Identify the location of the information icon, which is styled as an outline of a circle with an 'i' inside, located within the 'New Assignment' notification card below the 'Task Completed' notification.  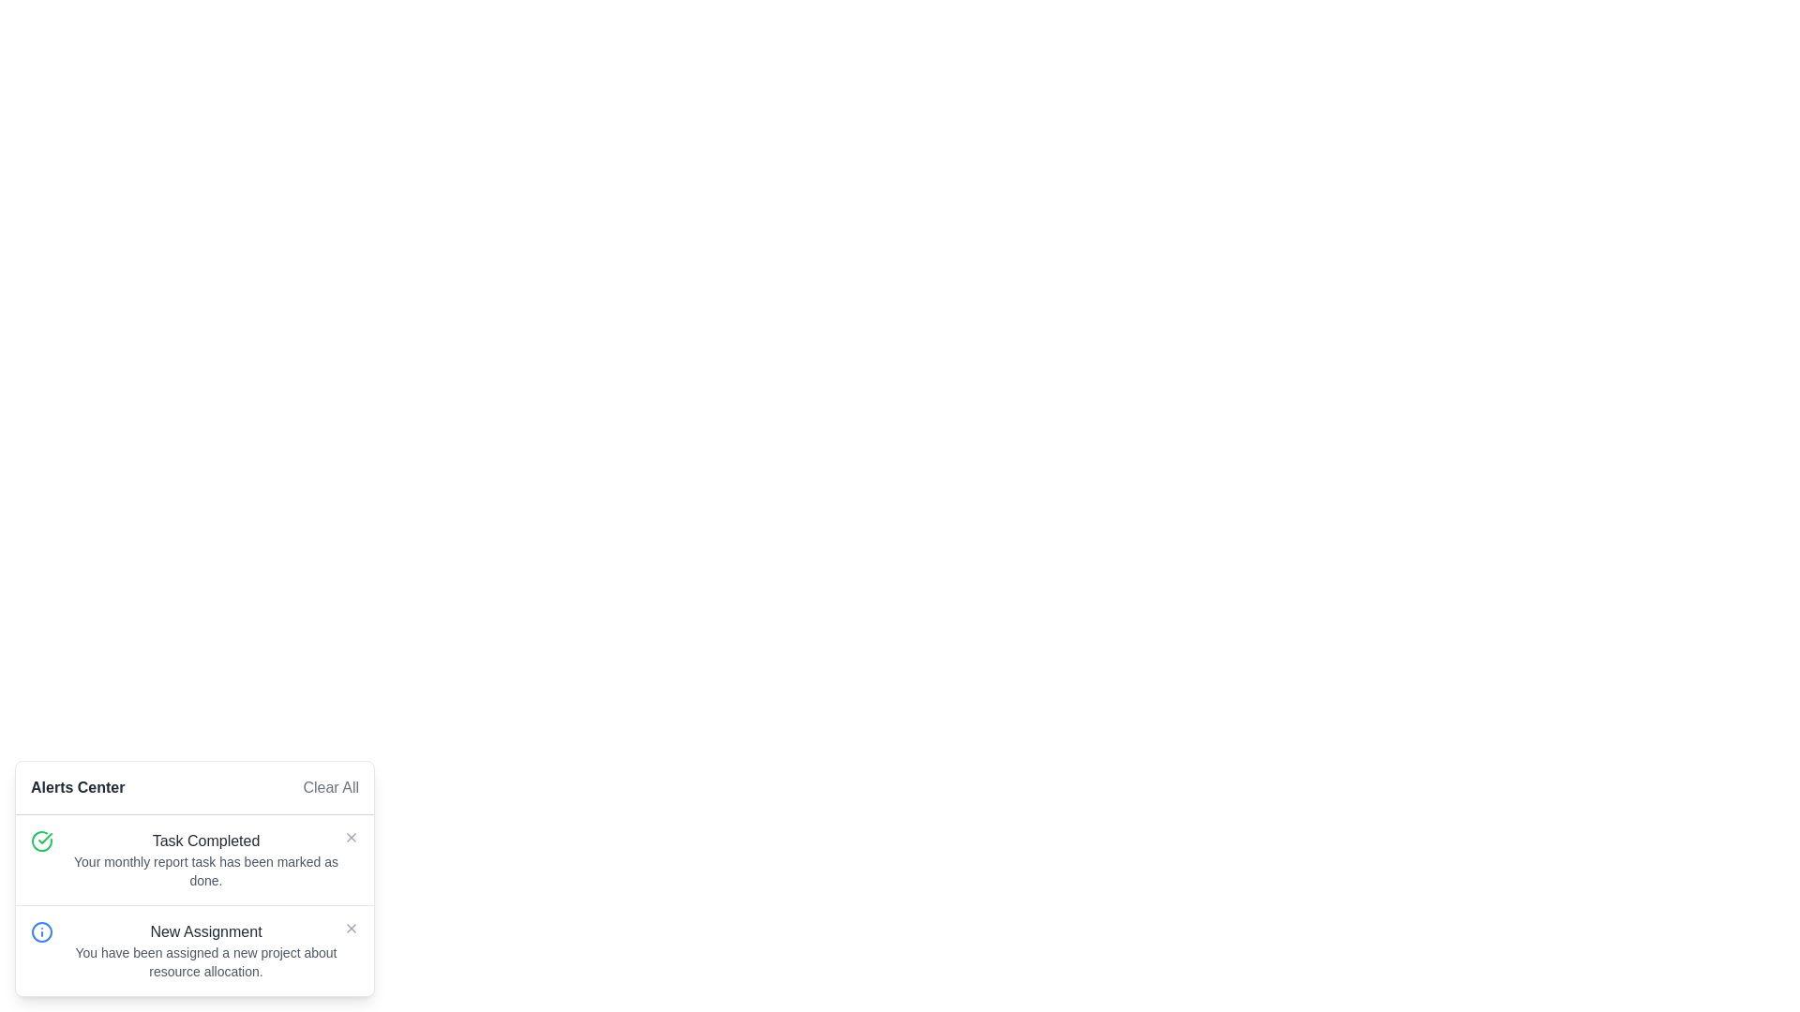
(41, 932).